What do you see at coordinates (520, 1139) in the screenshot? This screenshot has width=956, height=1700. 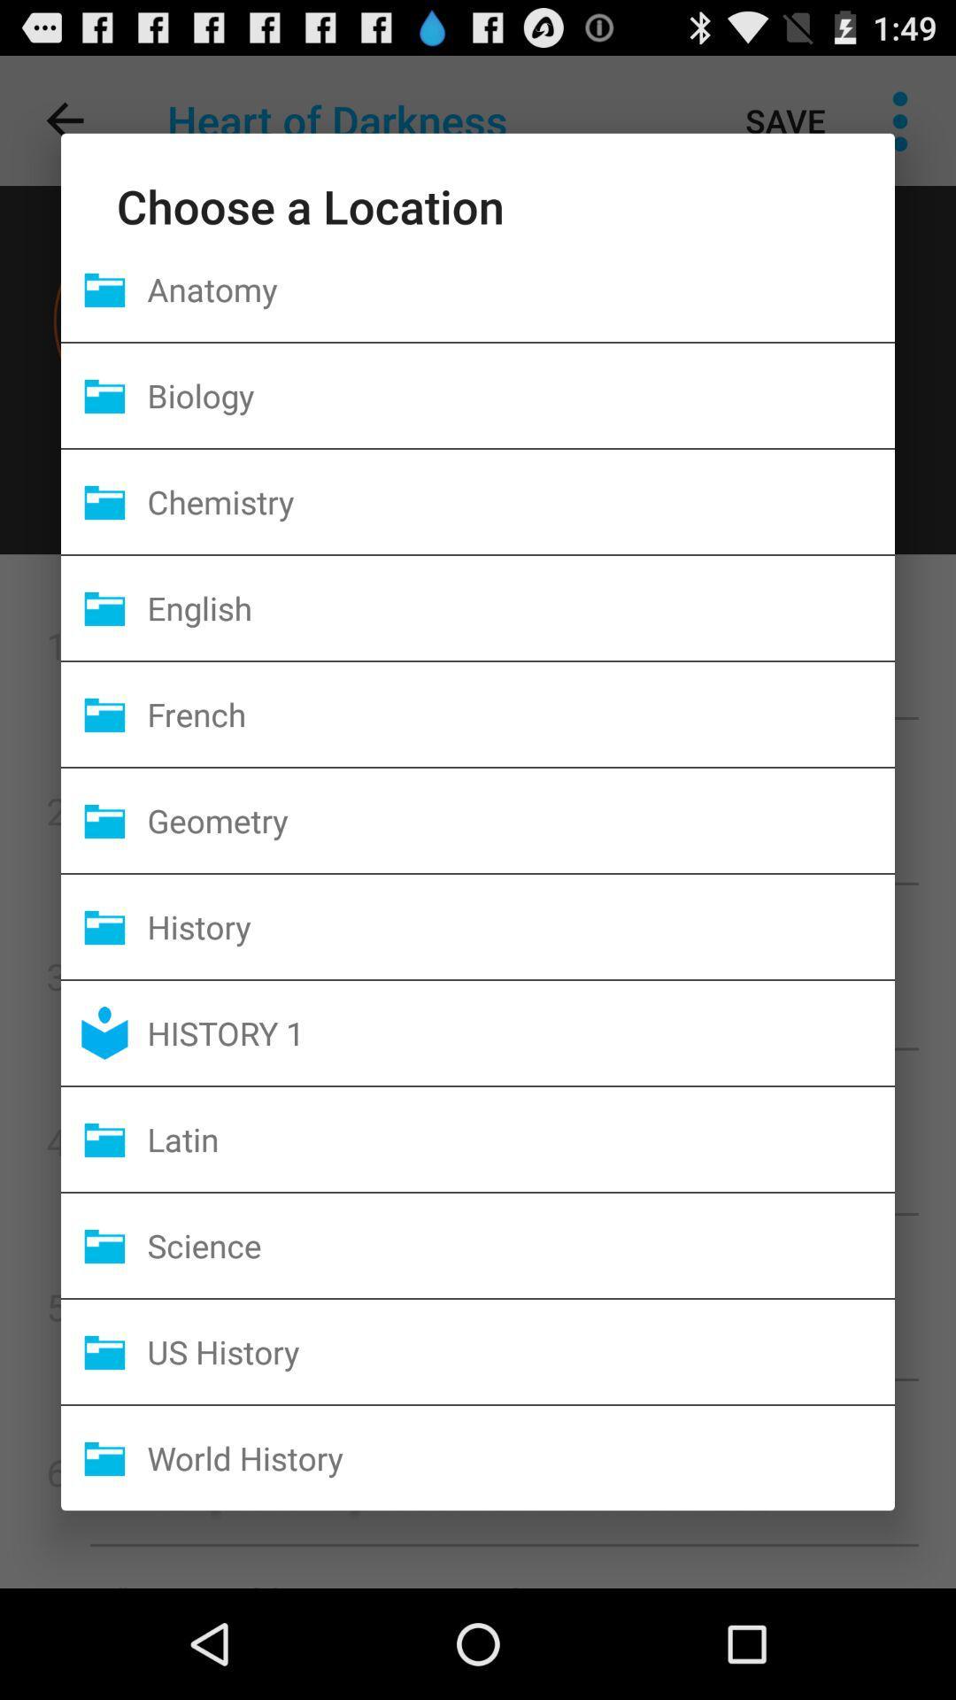 I see `the latin item` at bounding box center [520, 1139].